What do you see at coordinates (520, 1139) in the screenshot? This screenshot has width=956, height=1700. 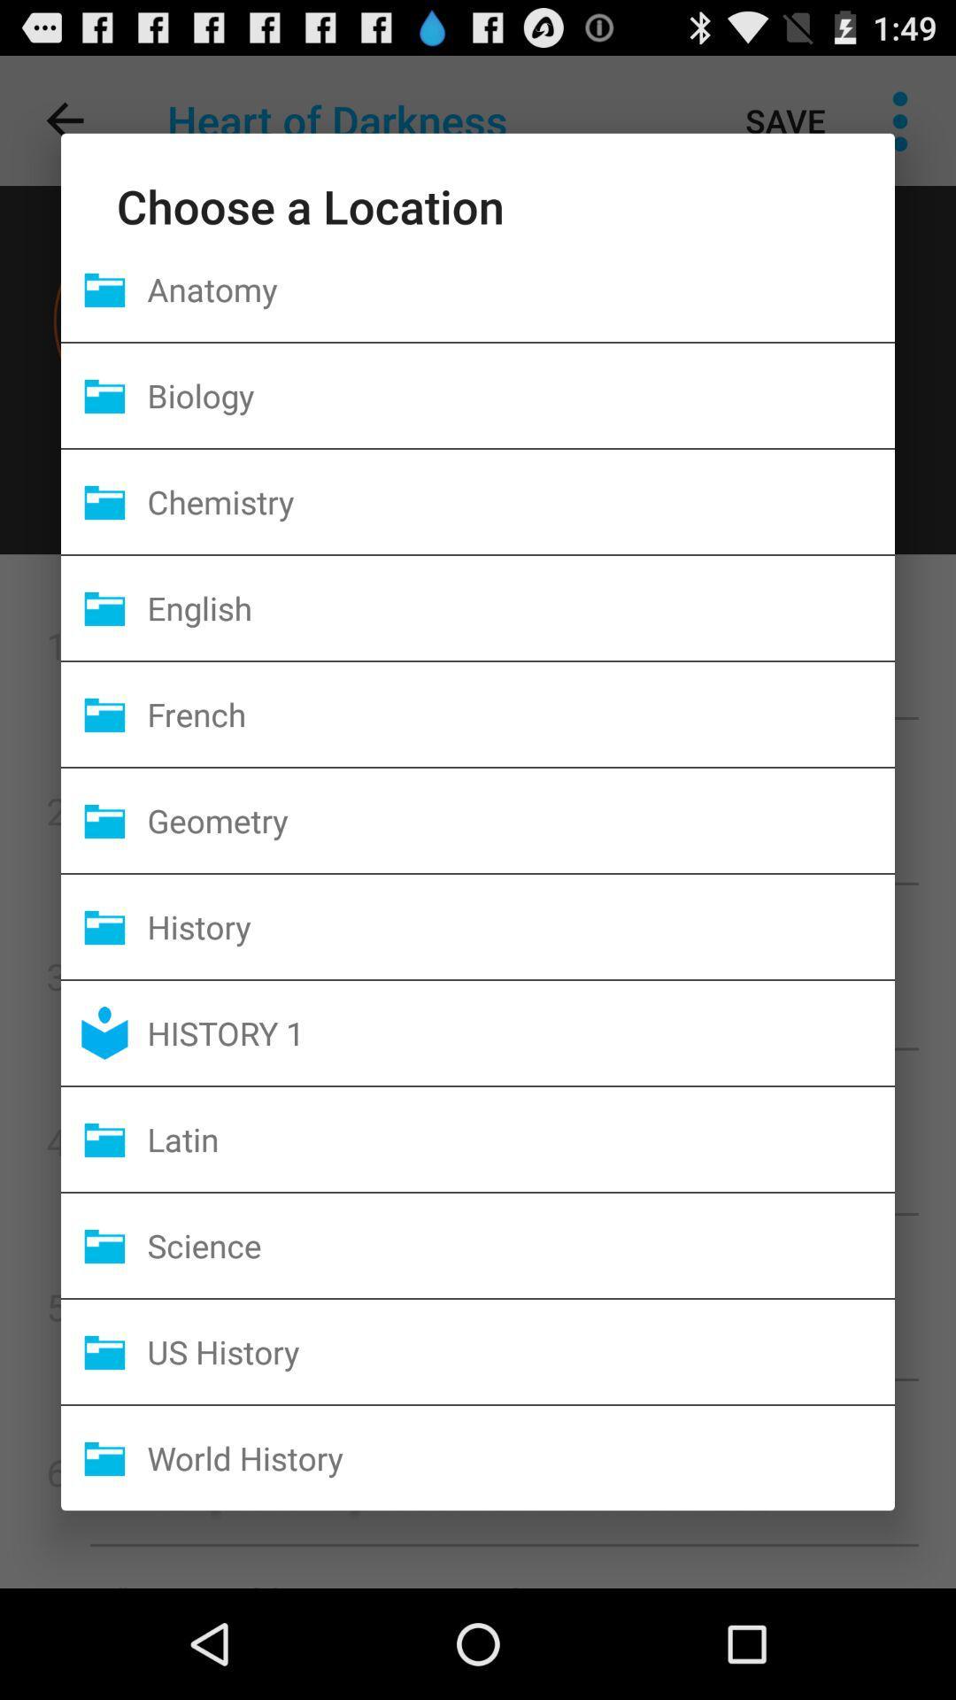 I see `the latin item` at bounding box center [520, 1139].